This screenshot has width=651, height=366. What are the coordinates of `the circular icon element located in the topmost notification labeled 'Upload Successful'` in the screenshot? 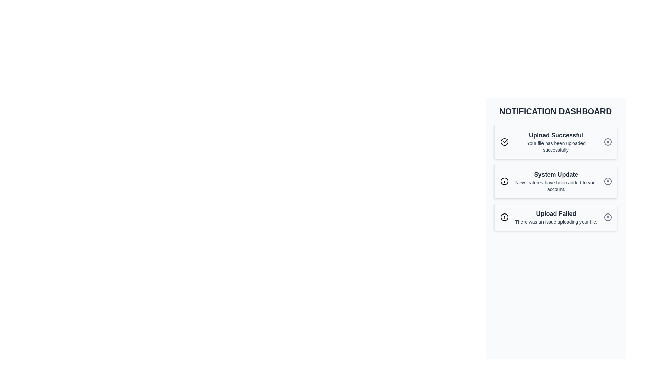 It's located at (608, 142).